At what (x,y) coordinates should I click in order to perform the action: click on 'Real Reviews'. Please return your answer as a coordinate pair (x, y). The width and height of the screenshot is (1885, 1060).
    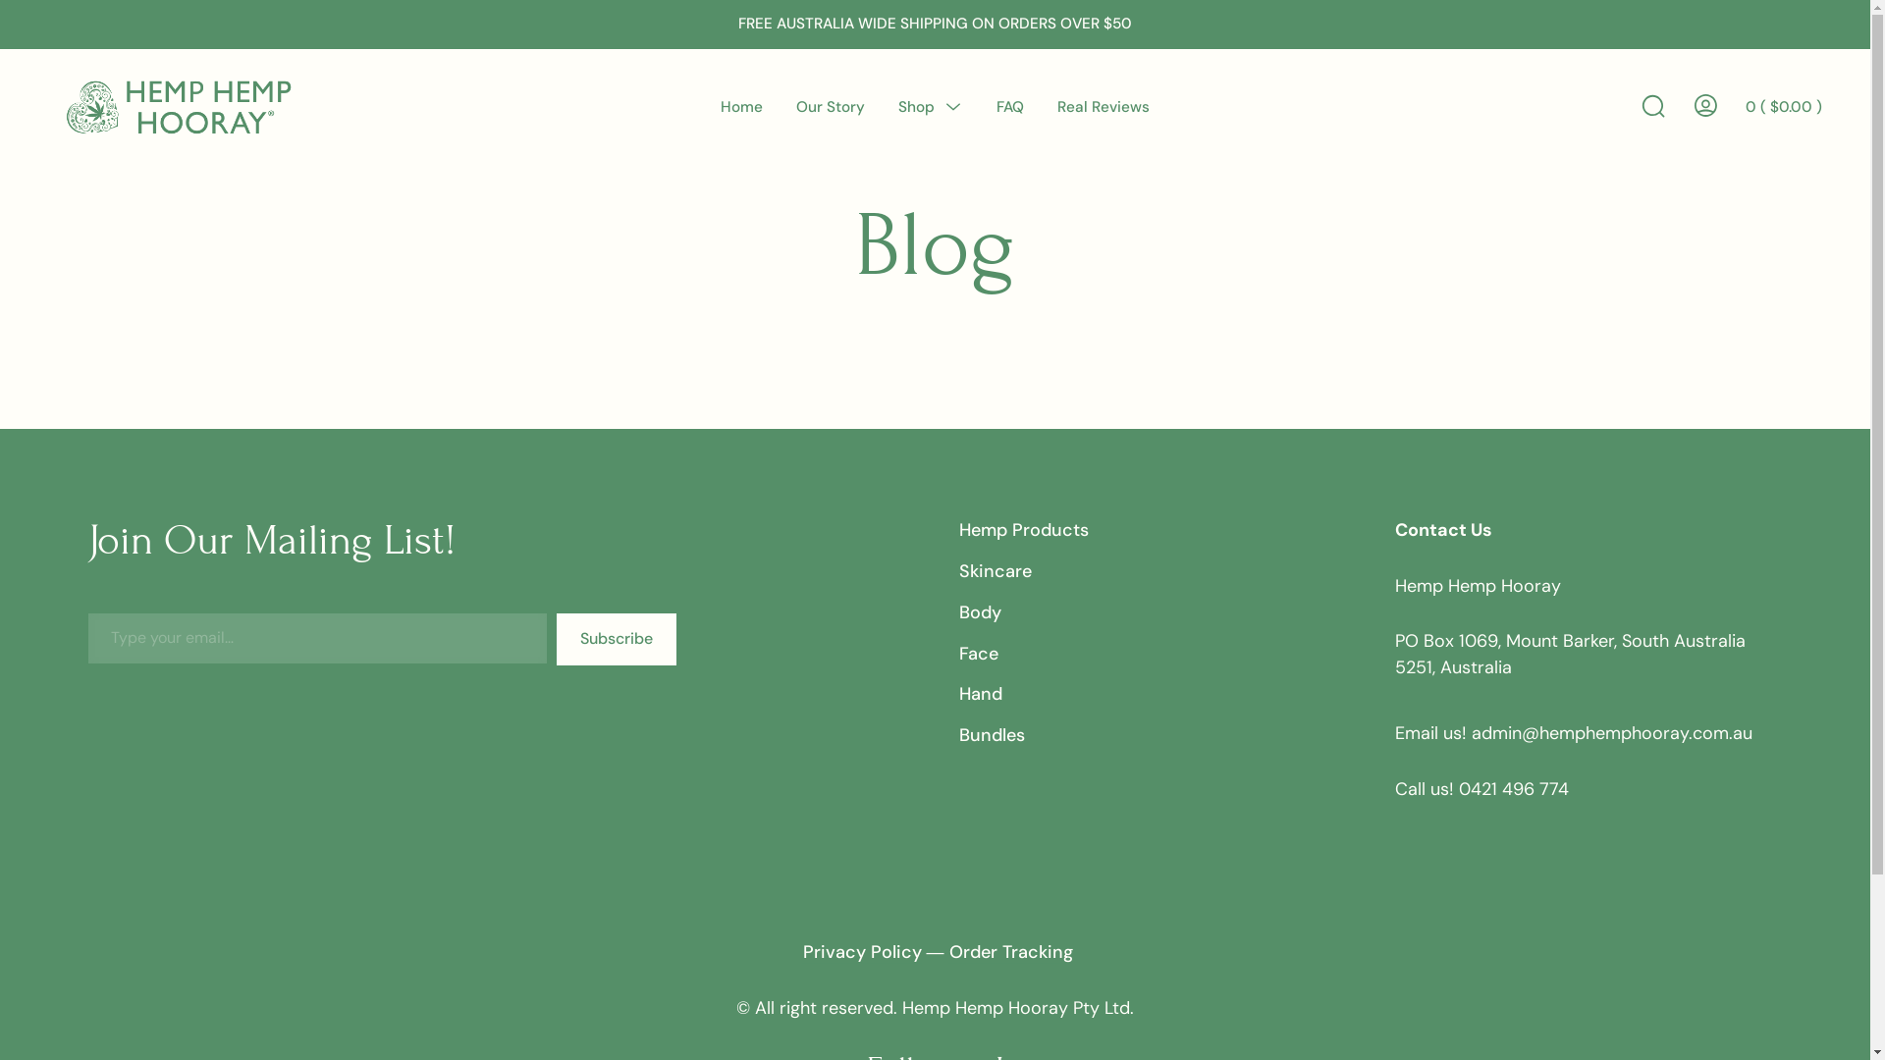
    Looking at the image, I should click on (1103, 106).